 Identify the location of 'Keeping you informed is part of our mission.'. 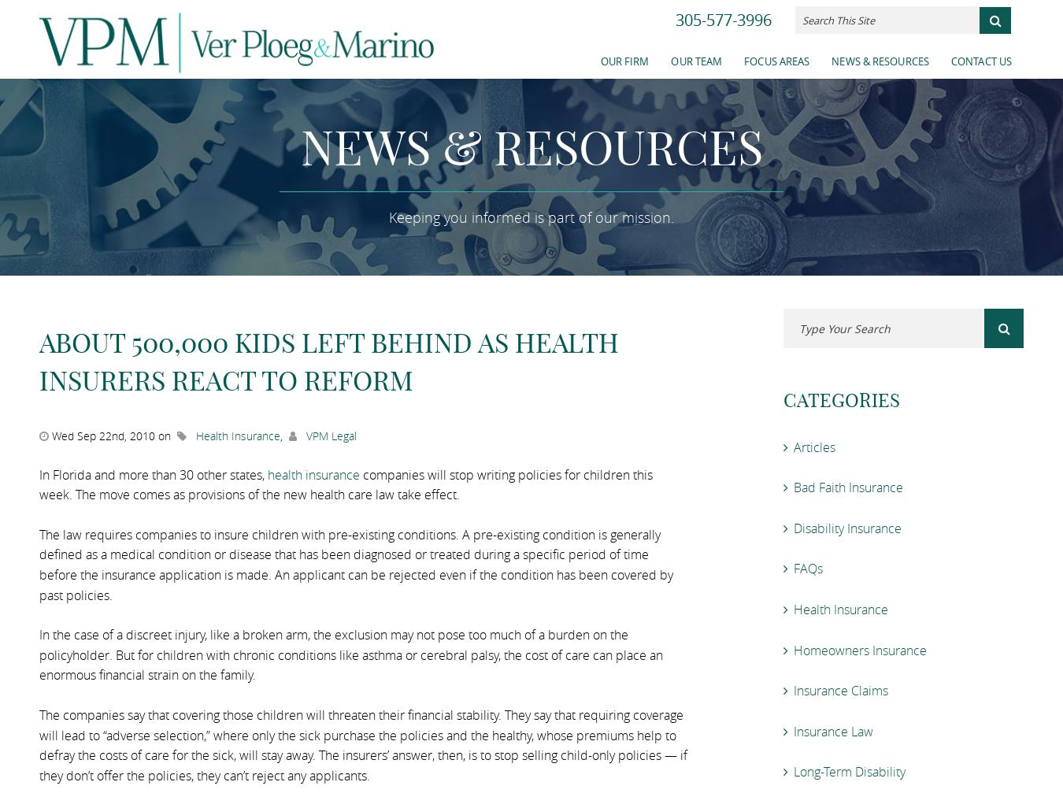
(531, 216).